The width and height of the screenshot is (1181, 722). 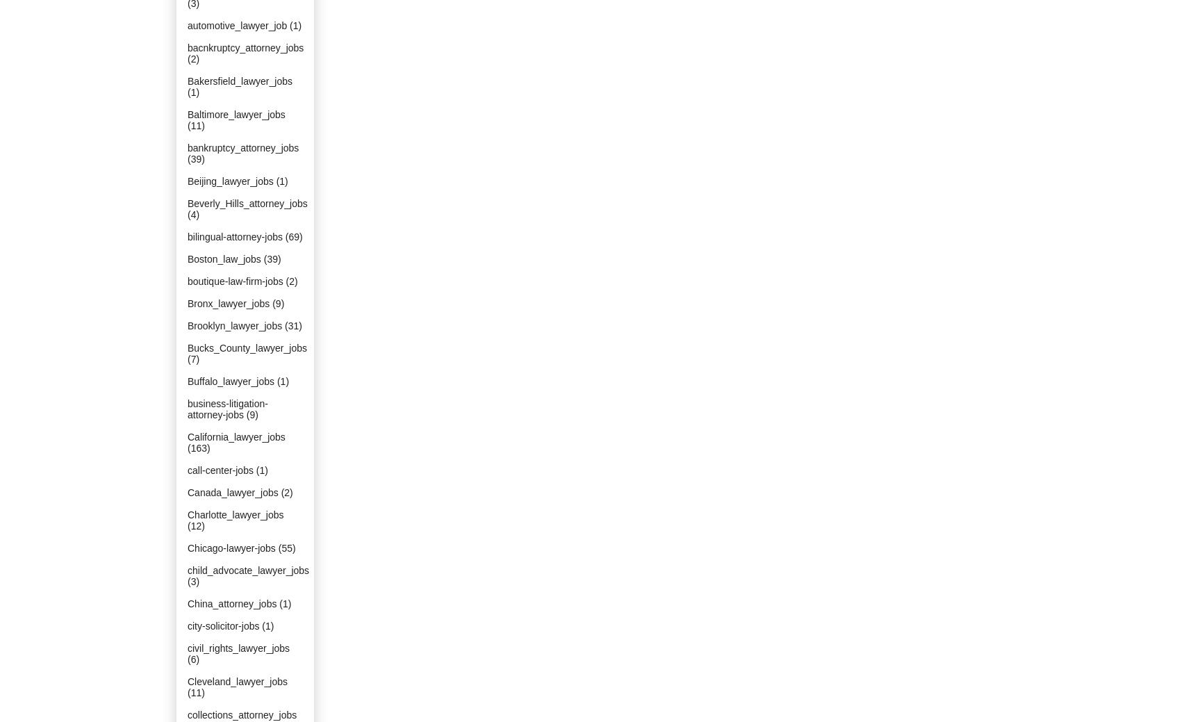 I want to click on 'Boston_law_jobs', so click(x=223, y=259).